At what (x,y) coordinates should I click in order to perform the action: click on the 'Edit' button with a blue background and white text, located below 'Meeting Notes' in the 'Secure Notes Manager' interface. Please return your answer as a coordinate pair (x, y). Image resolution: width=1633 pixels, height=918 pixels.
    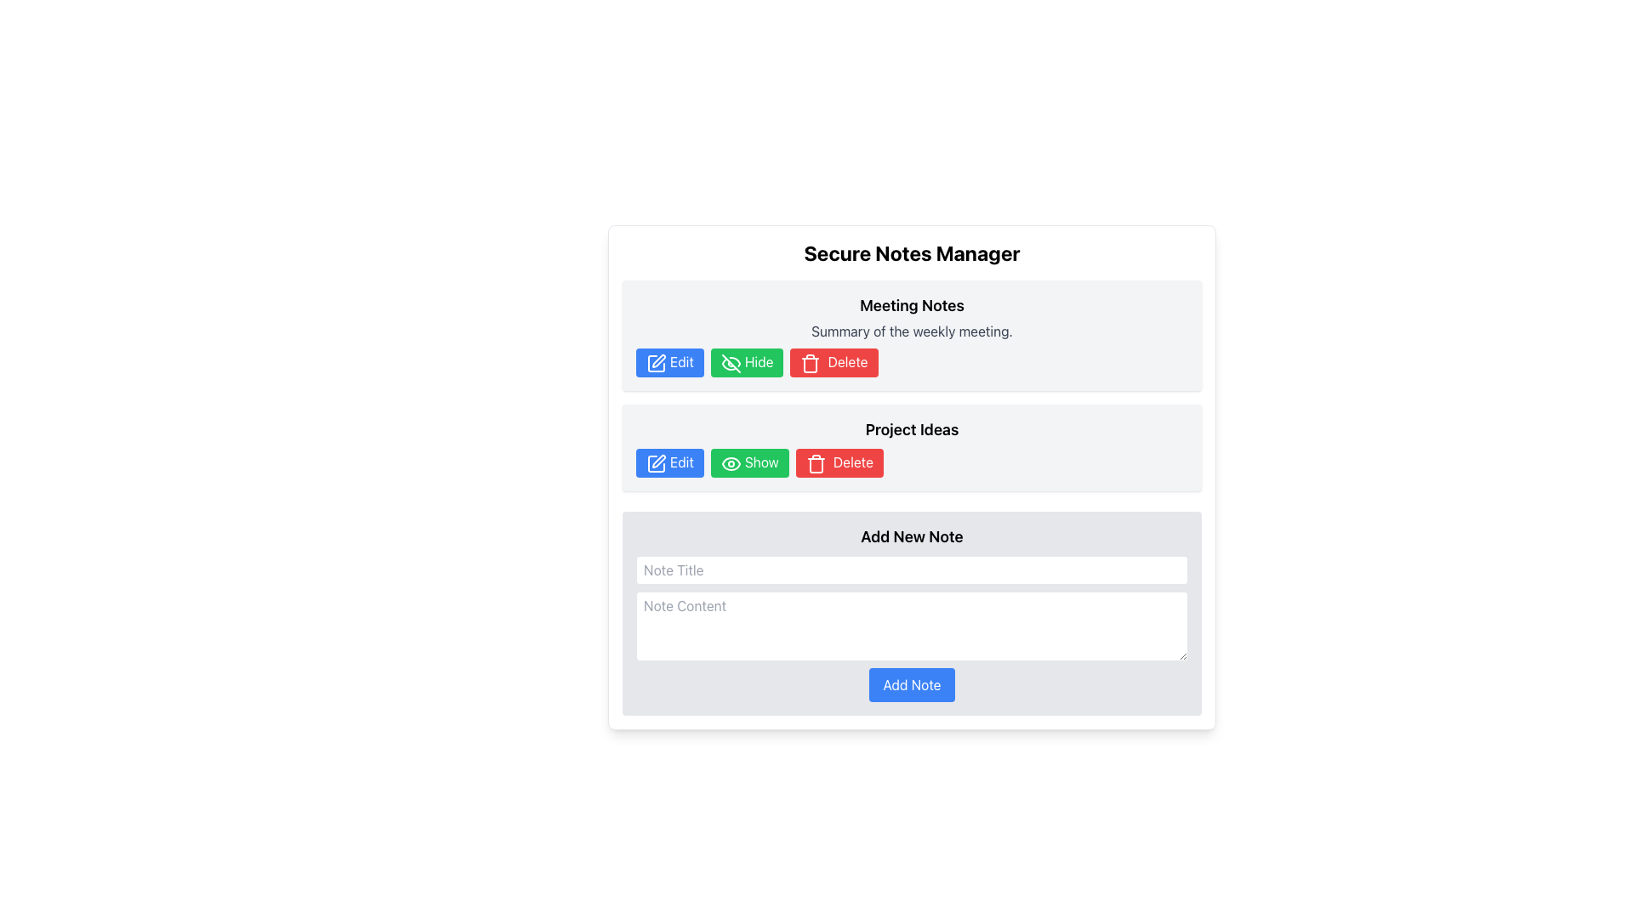
    Looking at the image, I should click on (669, 361).